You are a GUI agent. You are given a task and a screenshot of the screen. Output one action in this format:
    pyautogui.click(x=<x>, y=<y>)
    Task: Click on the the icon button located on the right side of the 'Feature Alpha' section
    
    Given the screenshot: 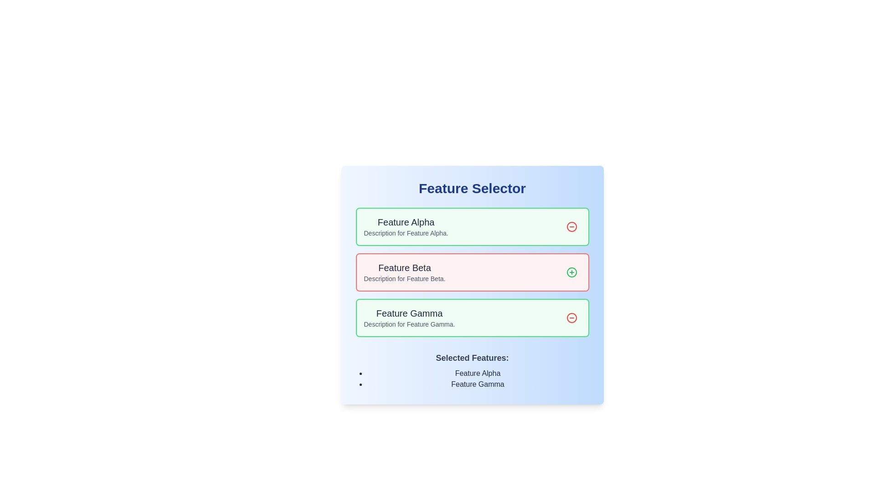 What is the action you would take?
    pyautogui.click(x=571, y=318)
    